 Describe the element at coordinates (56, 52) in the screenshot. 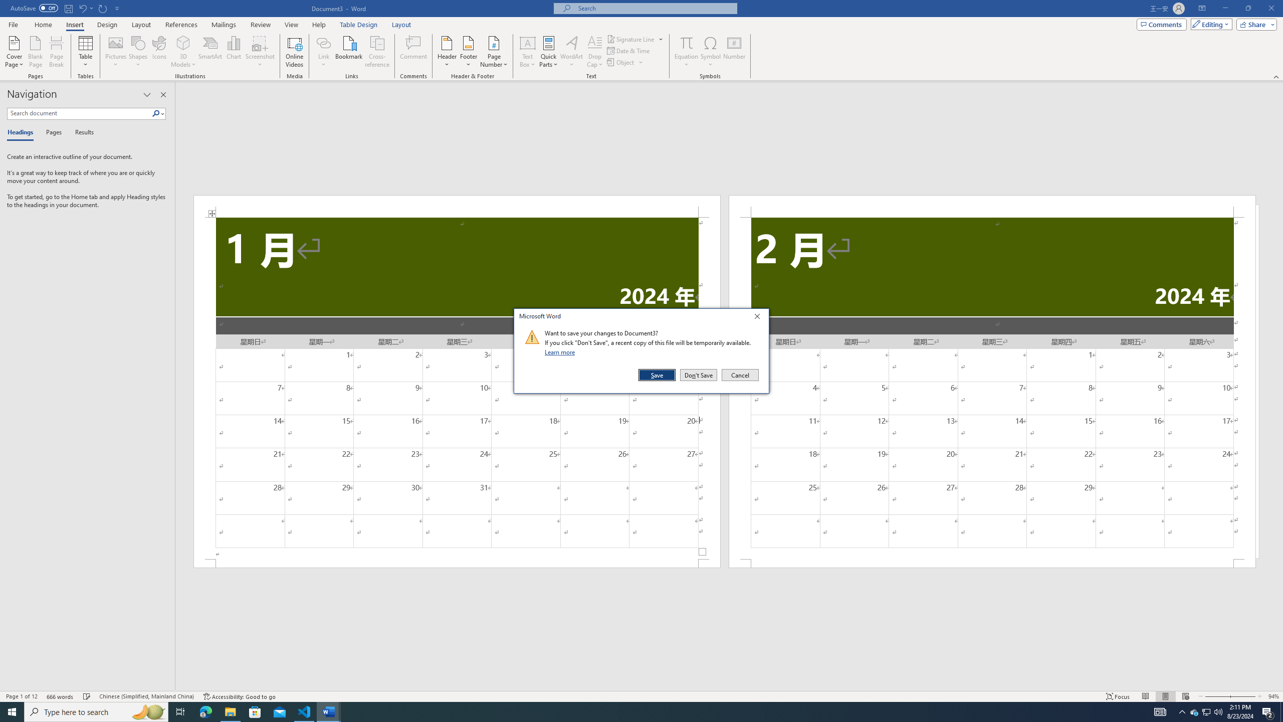

I see `'Page Break'` at that location.